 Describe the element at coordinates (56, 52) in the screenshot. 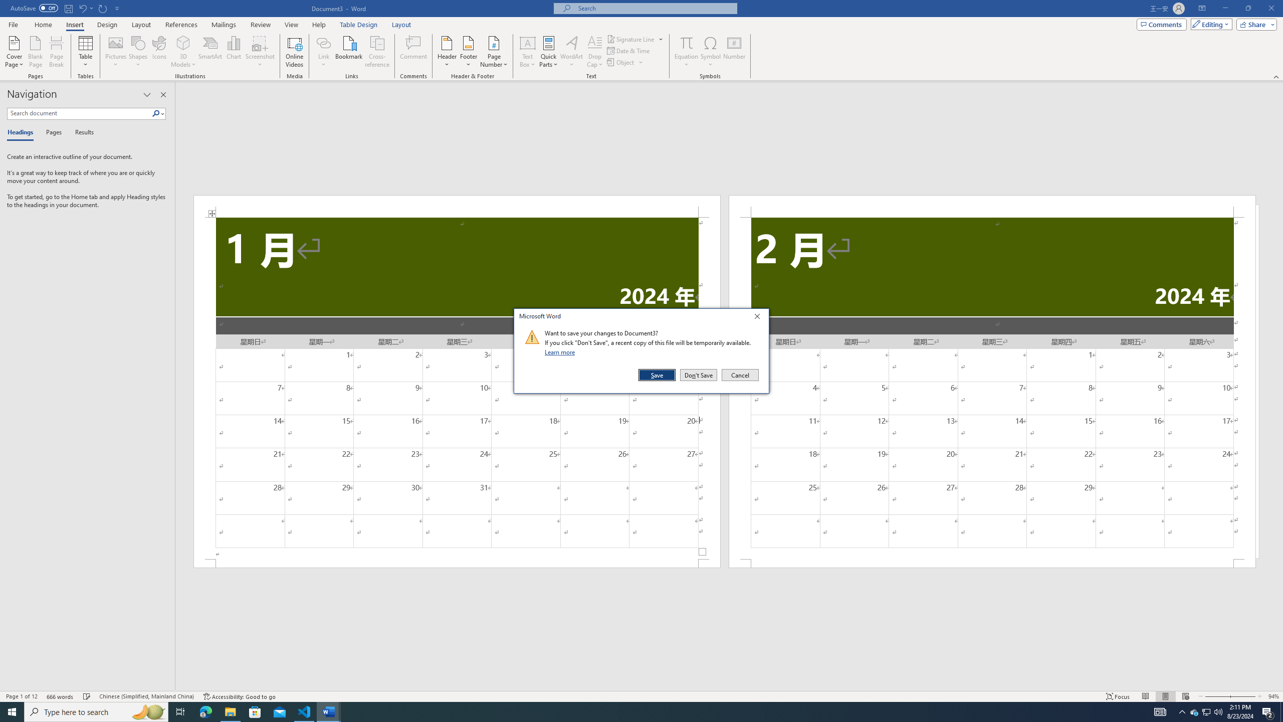

I see `'Page Break'` at that location.